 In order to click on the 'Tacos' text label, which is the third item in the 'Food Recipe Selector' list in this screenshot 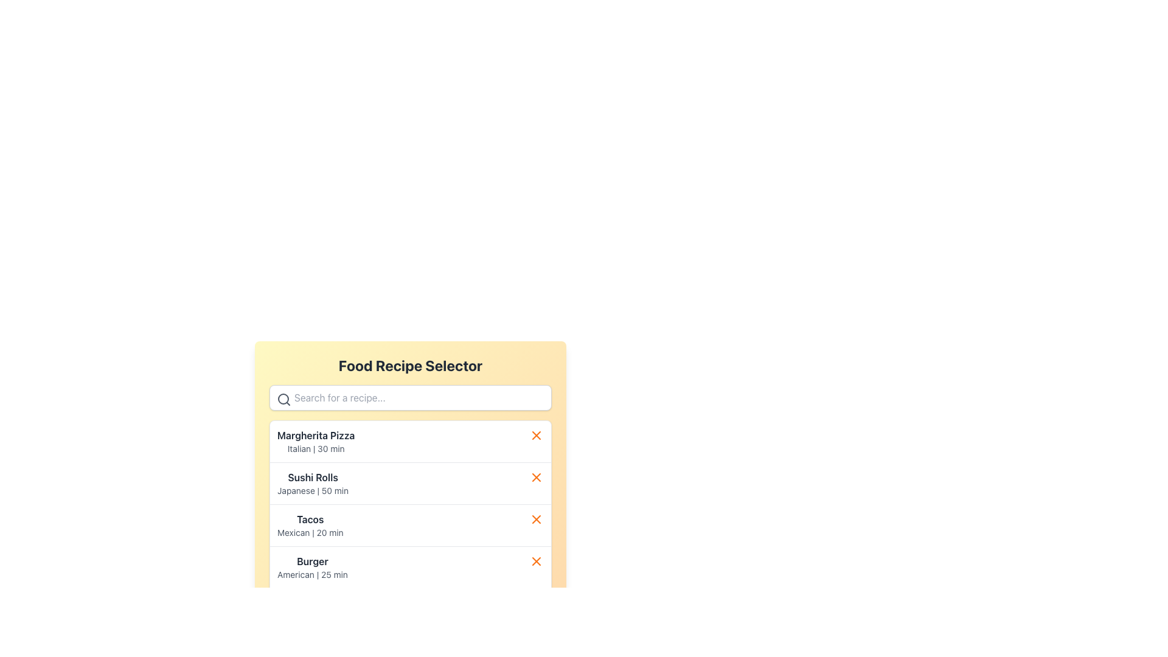, I will do `click(310, 519)`.